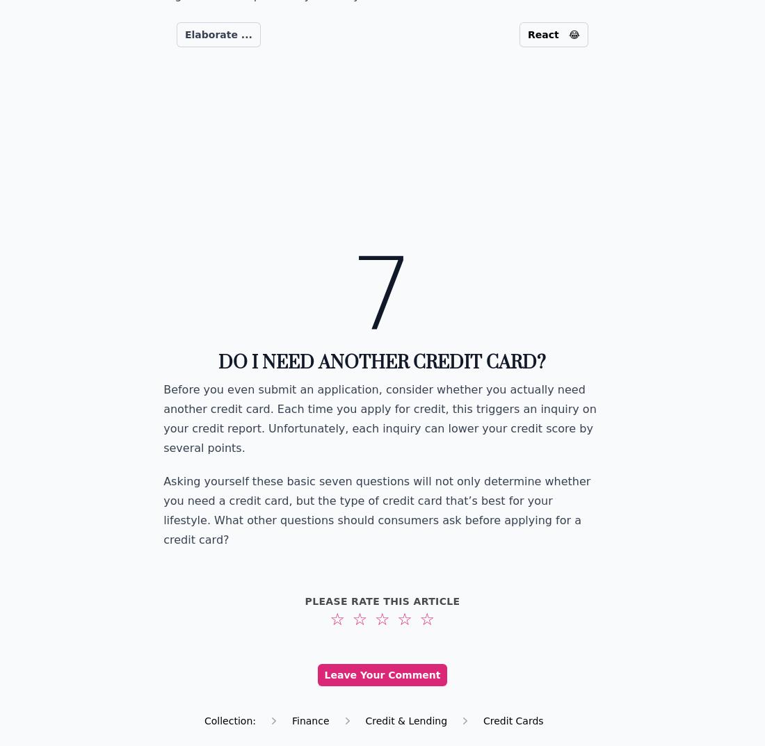 This screenshot has width=765, height=746. What do you see at coordinates (527, 33) in the screenshot?
I see `'React'` at bounding box center [527, 33].